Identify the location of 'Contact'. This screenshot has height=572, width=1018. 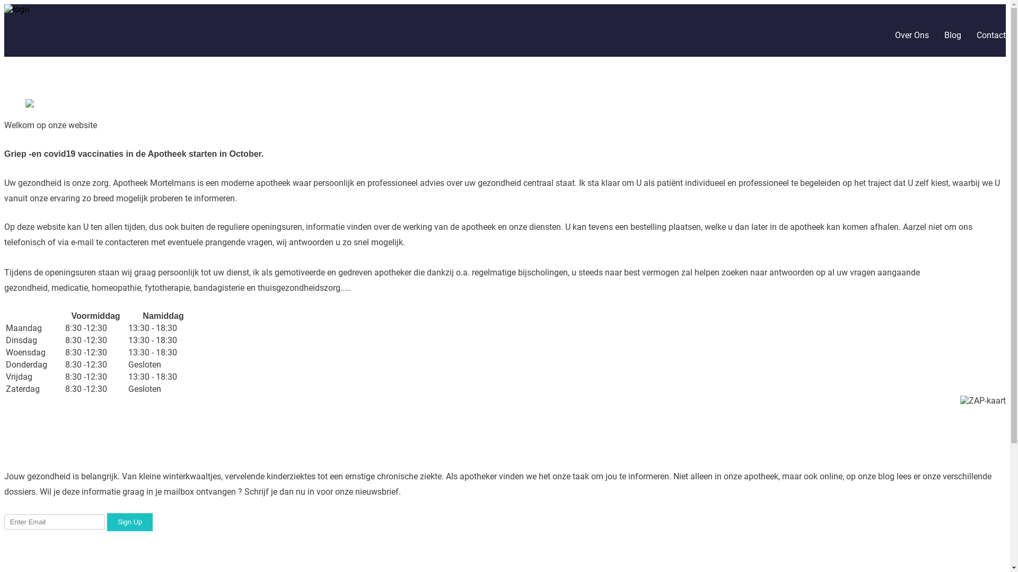
(990, 34).